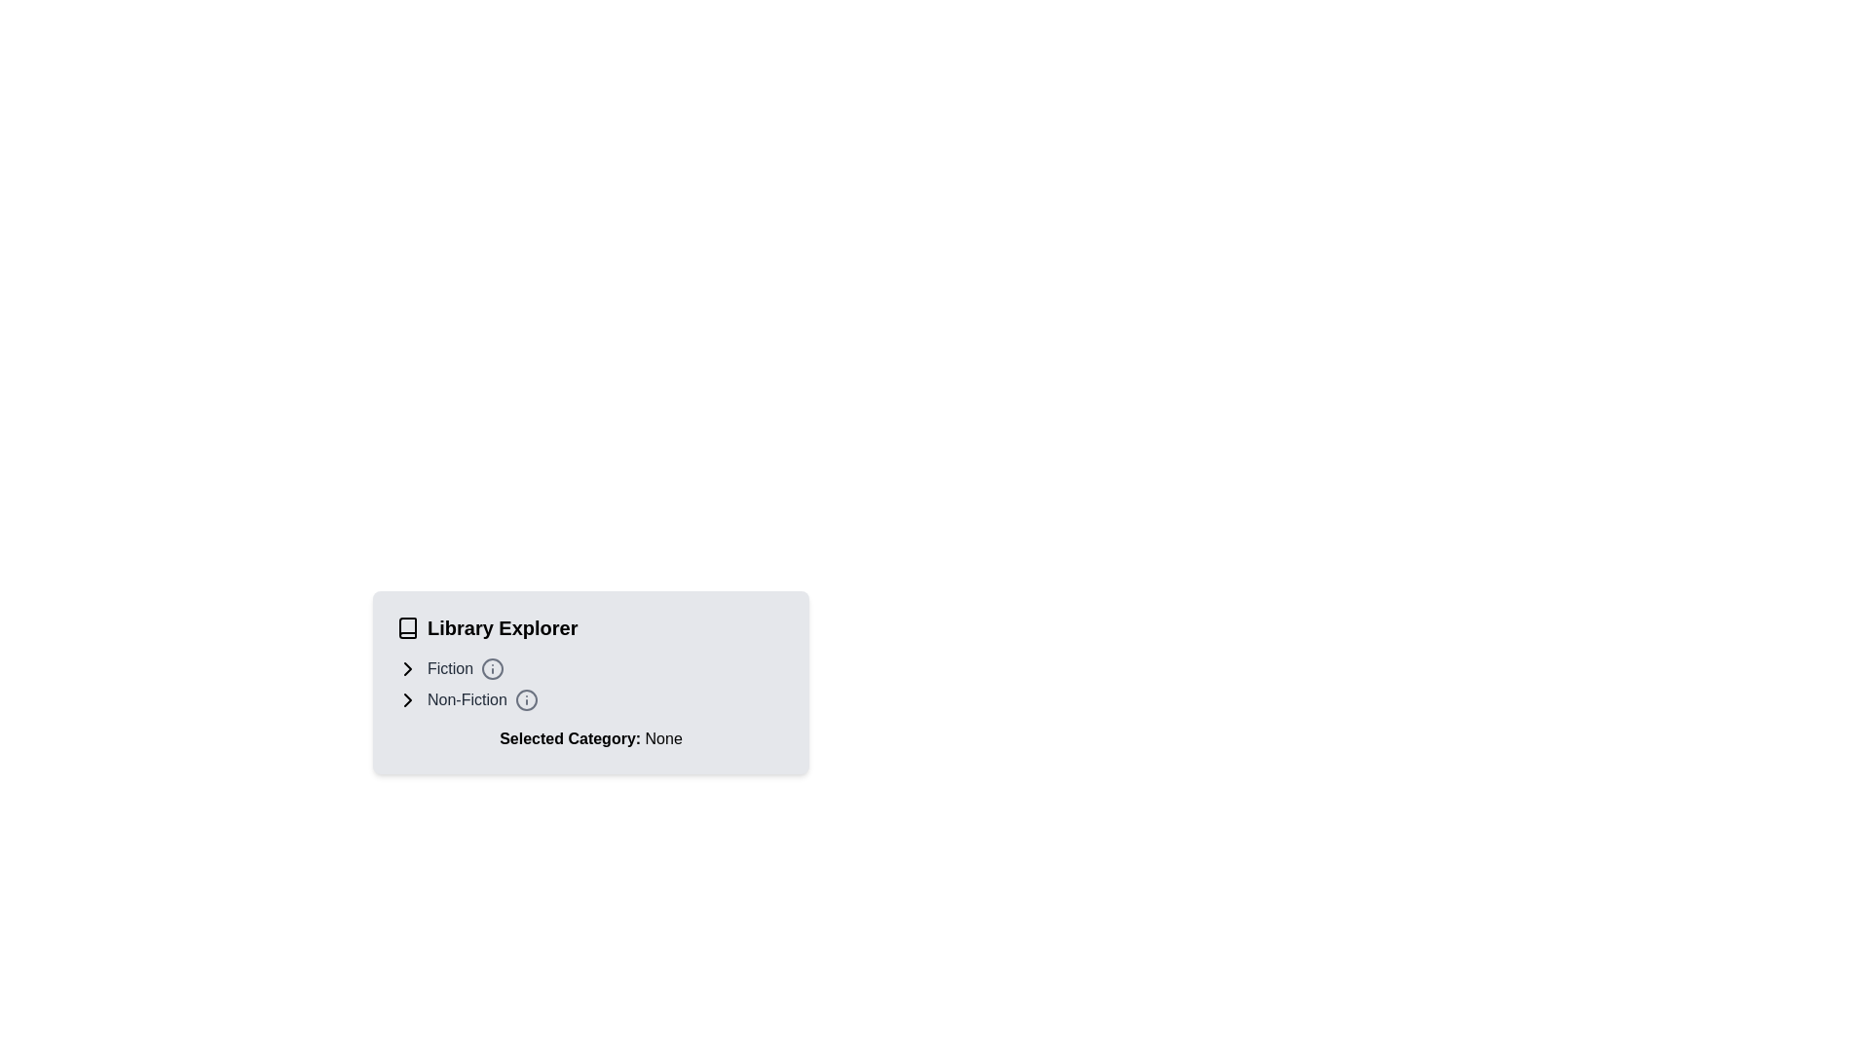 The width and height of the screenshot is (1870, 1052). I want to click on the book icon located at the top-left corner of the 'Library Explorer' menu section, so click(406, 627).